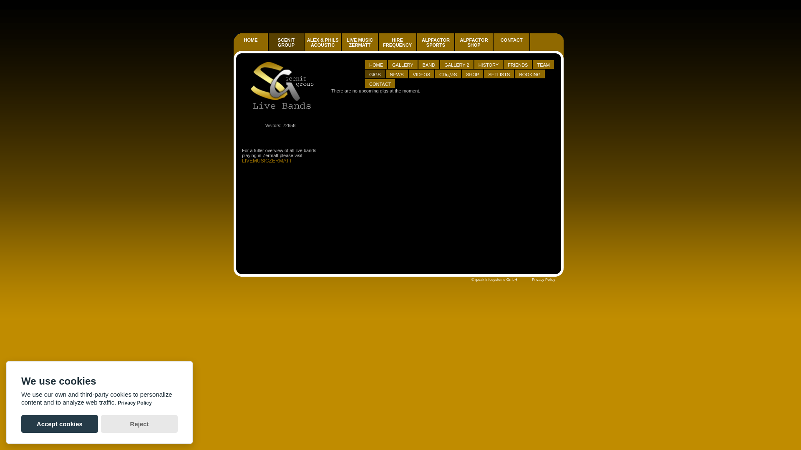 Image resolution: width=801 pixels, height=450 pixels. What do you see at coordinates (135, 402) in the screenshot?
I see `'Privacy Policy'` at bounding box center [135, 402].